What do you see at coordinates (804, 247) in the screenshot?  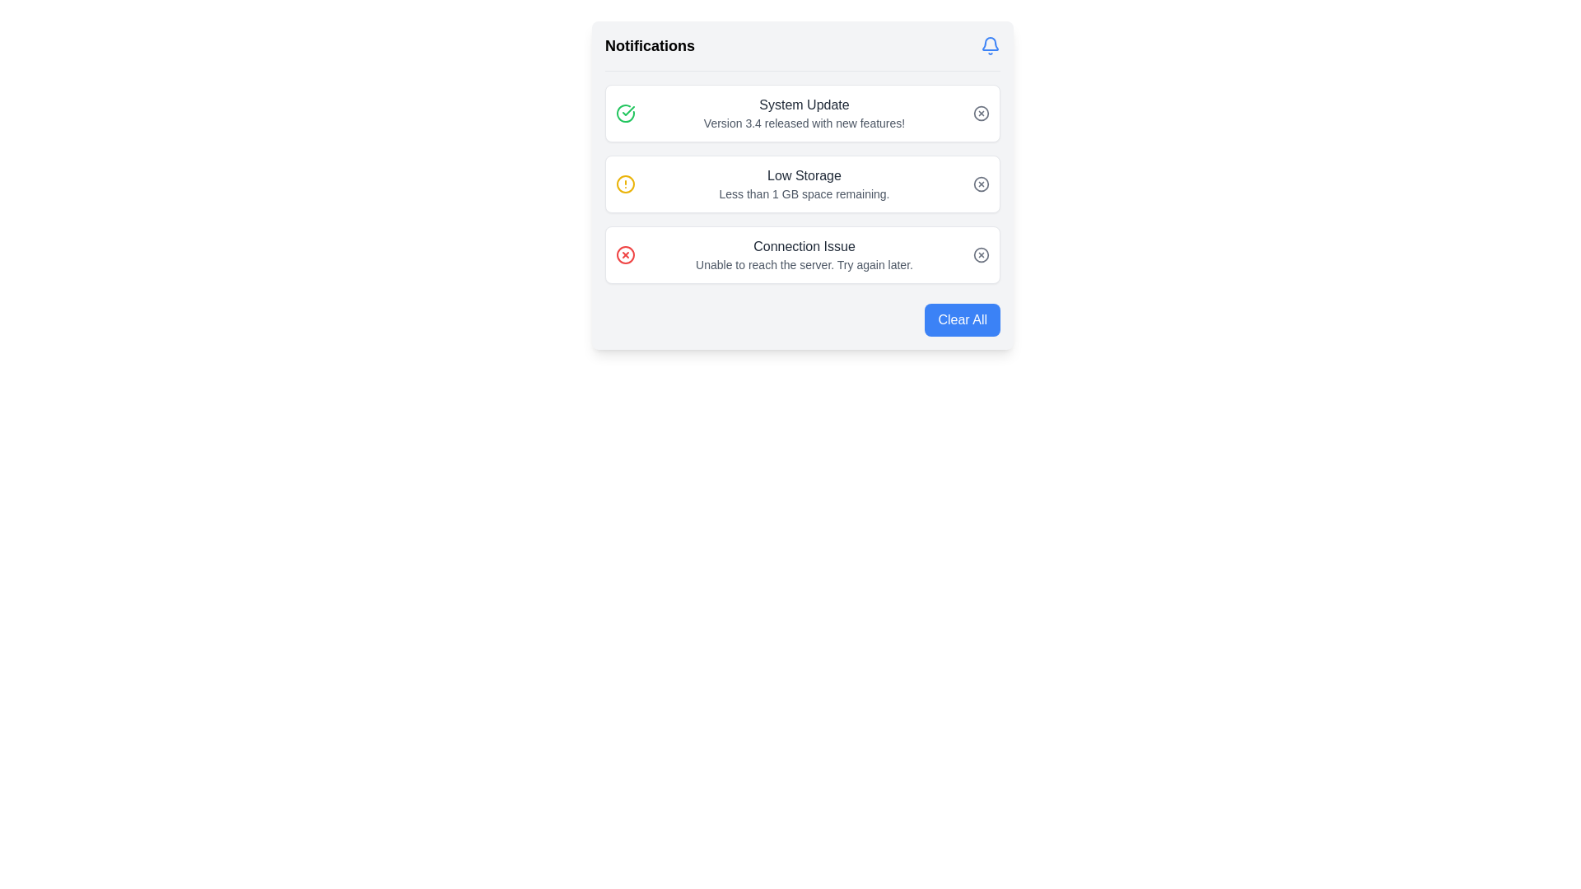 I see `text label that displays the title or summary of the notification regarding a connection issue, located in the third notification card from the top in the notification panel` at bounding box center [804, 247].